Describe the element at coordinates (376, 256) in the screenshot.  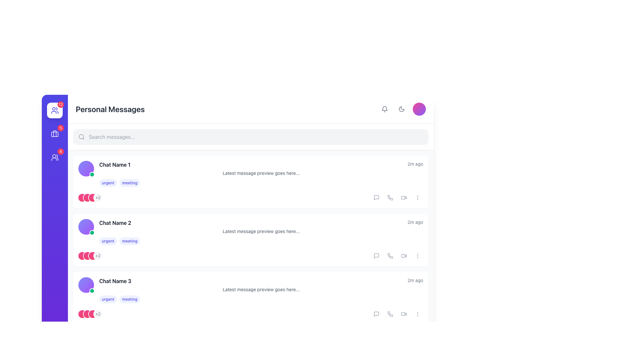
I see `the messaging icon located in the third chat entry from the top, positioned to the far right between the video call and more options icons` at that location.